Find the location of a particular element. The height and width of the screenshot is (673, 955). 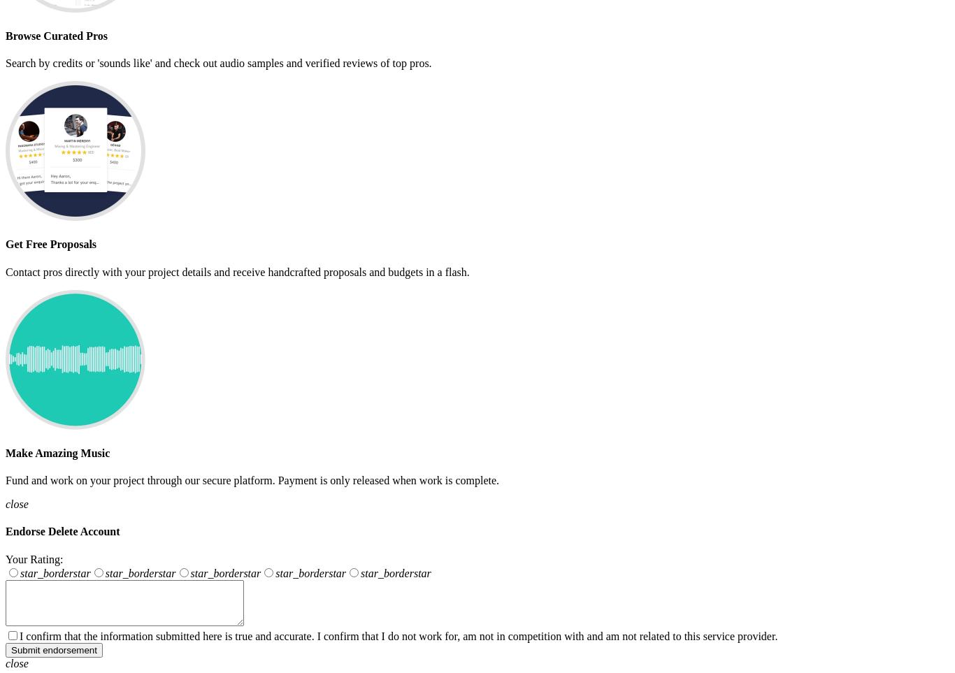

'Browse Curated Pros' is located at coordinates (6, 35).